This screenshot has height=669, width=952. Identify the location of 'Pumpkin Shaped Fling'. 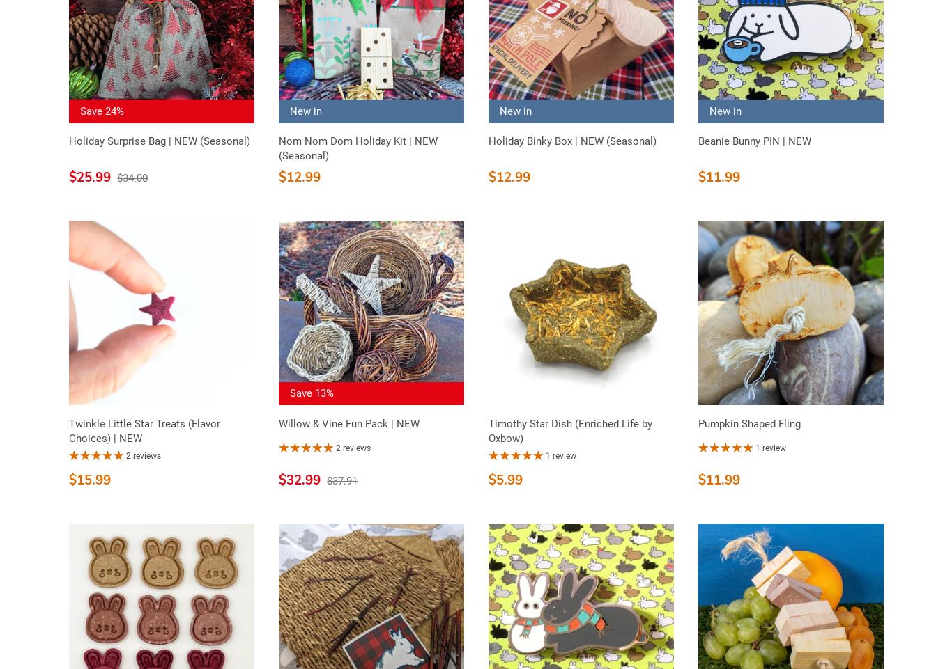
(748, 423).